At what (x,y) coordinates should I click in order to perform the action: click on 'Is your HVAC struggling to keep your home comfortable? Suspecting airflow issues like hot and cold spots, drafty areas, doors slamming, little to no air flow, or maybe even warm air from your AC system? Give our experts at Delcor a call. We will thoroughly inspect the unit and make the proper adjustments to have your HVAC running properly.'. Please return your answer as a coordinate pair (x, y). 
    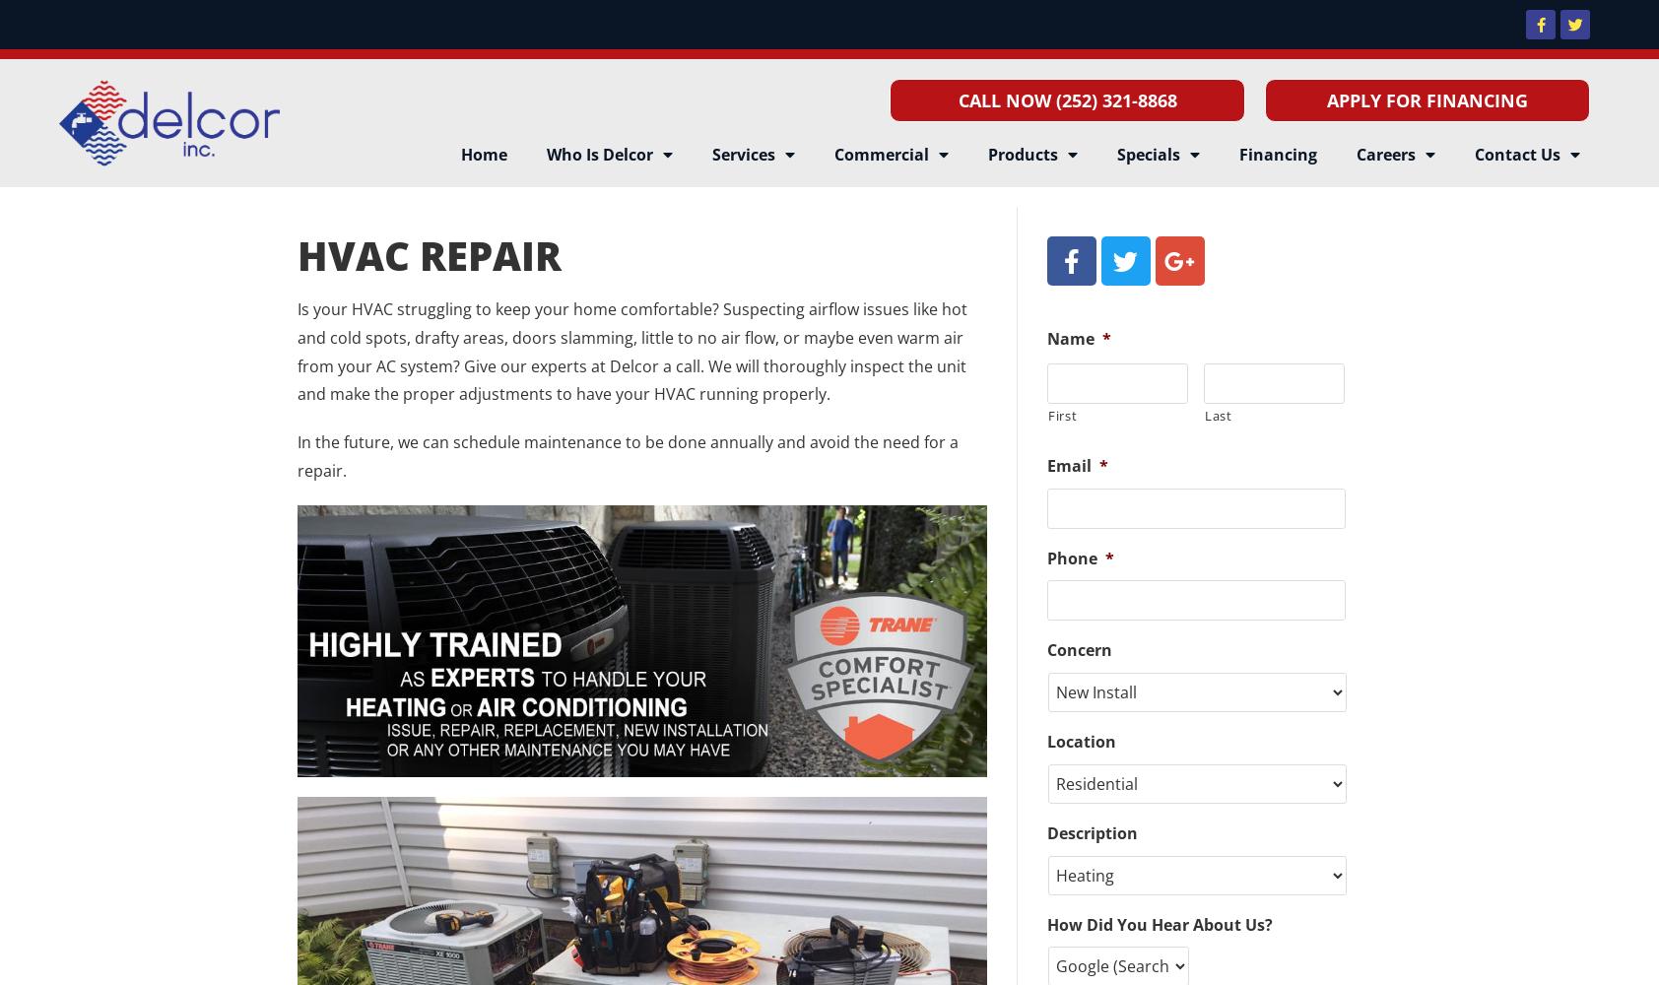
    Looking at the image, I should click on (631, 351).